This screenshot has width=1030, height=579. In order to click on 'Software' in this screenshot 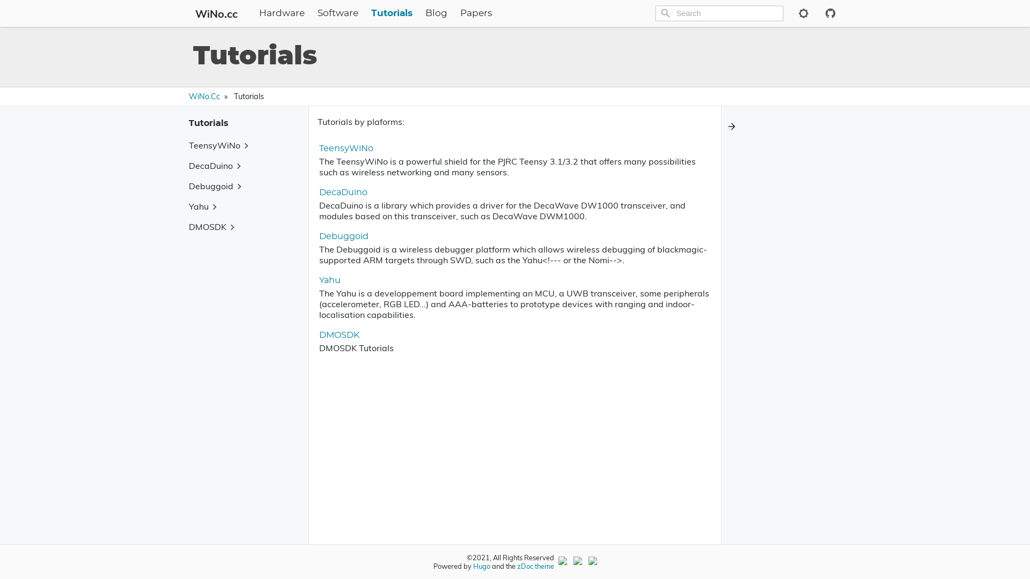, I will do `click(337, 13)`.